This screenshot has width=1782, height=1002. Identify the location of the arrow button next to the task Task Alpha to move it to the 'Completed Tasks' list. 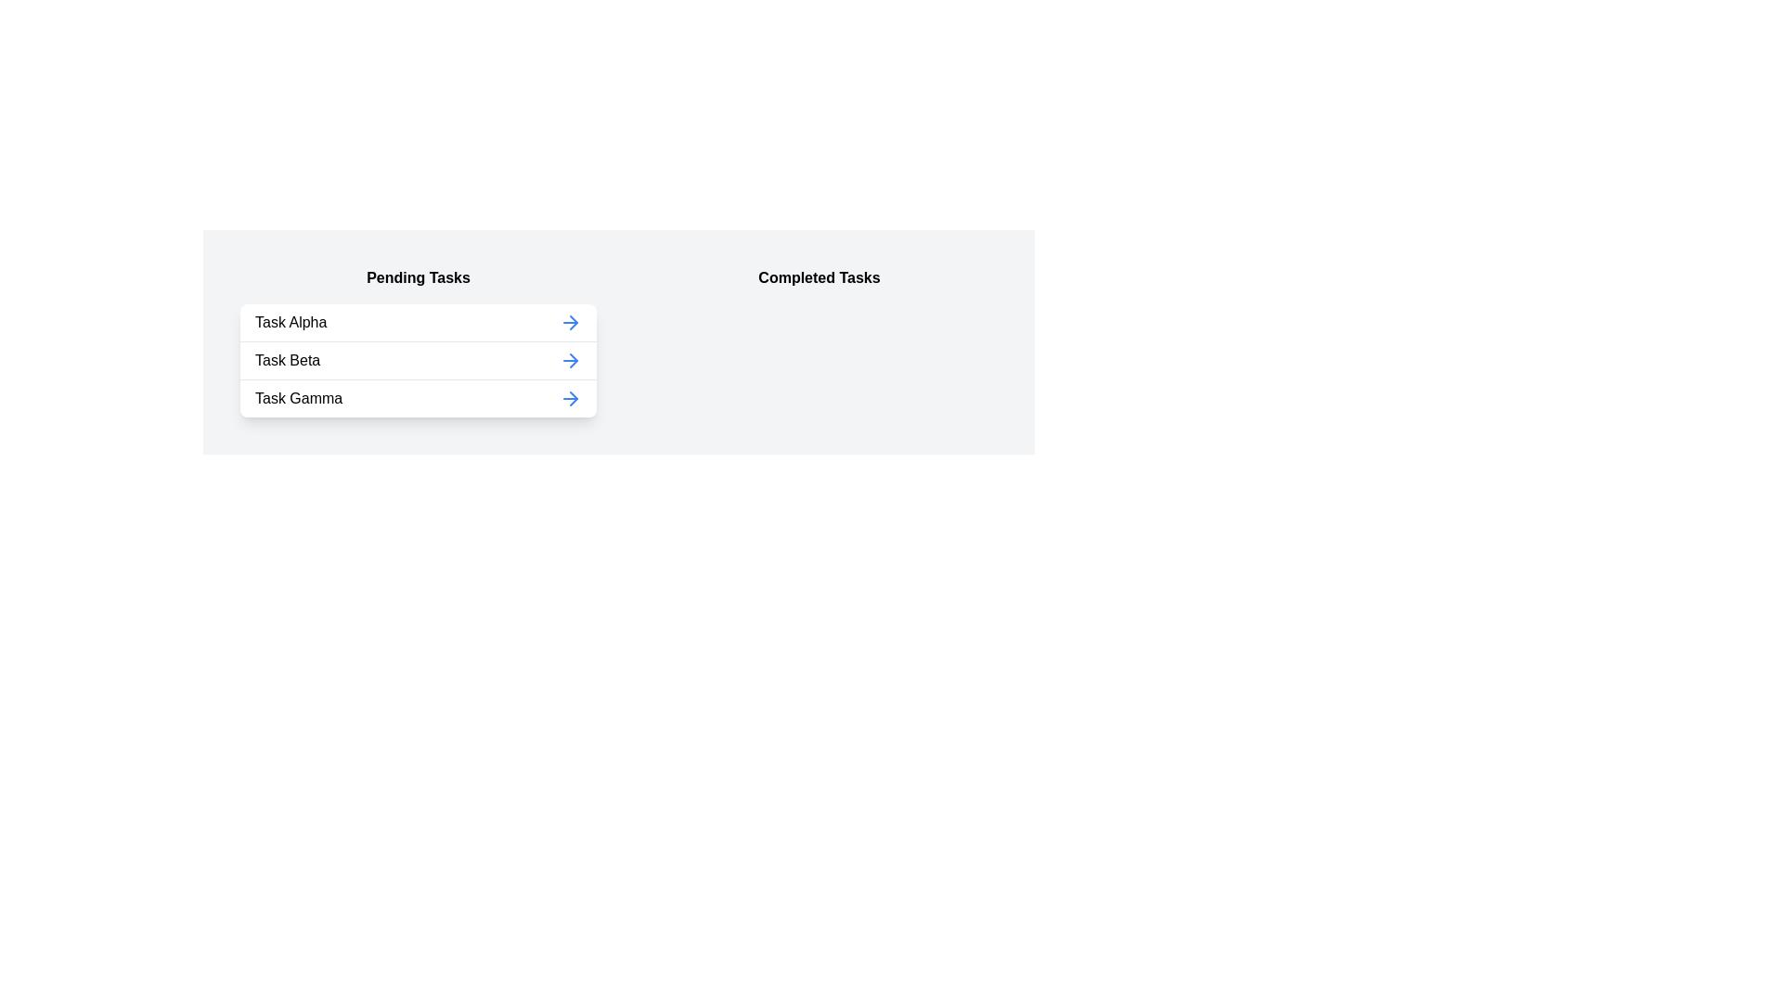
(569, 321).